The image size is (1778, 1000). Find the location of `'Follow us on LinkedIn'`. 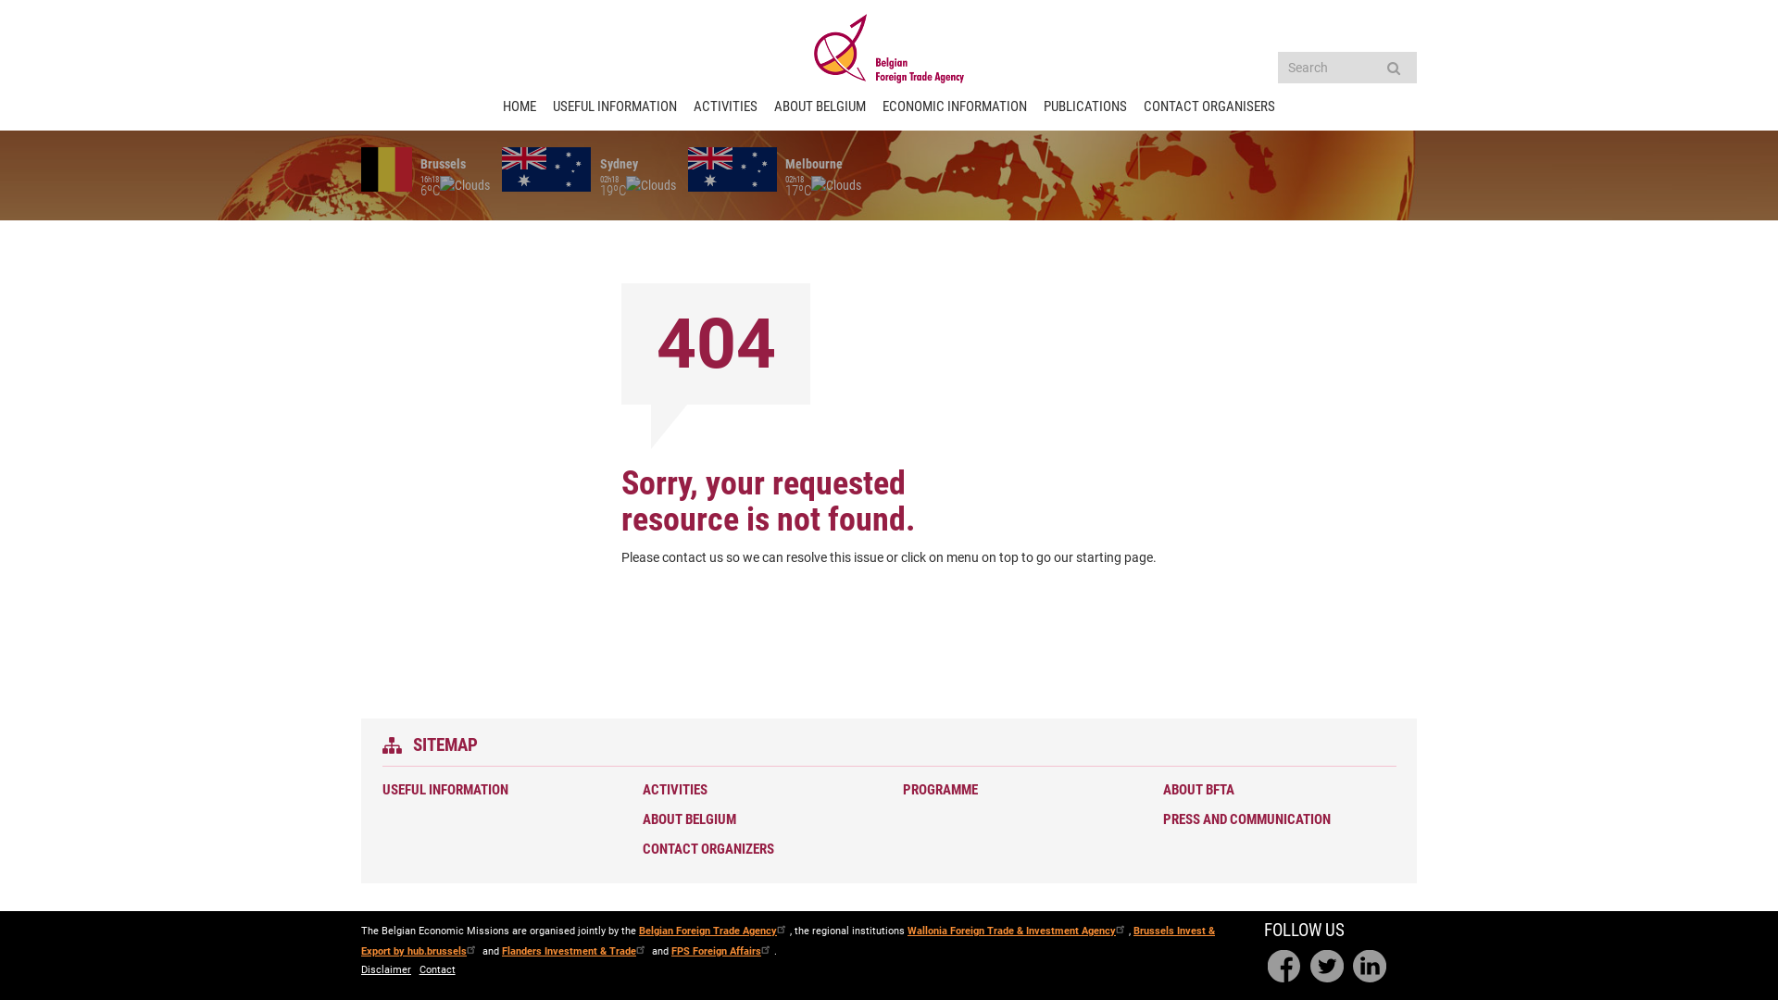

'Follow us on LinkedIn' is located at coordinates (1369, 966).